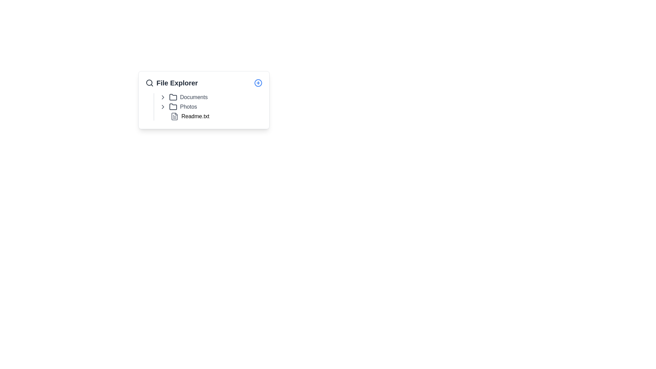 The image size is (656, 369). What do you see at coordinates (174, 116) in the screenshot?
I see `the small gray file icon representing 'Readme.txt' located` at bounding box center [174, 116].